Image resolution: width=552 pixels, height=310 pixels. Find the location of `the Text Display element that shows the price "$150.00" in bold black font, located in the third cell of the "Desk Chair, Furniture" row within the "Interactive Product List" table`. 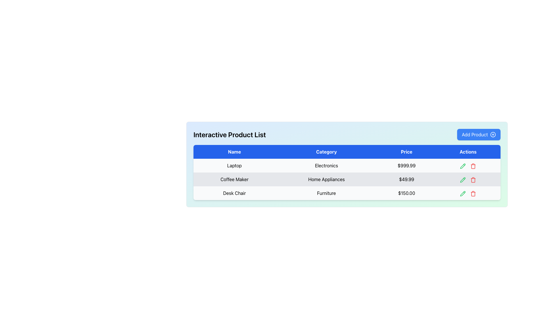

the Text Display element that shows the price "$150.00" in bold black font, located in the third cell of the "Desk Chair, Furniture" row within the "Interactive Product List" table is located at coordinates (406, 193).